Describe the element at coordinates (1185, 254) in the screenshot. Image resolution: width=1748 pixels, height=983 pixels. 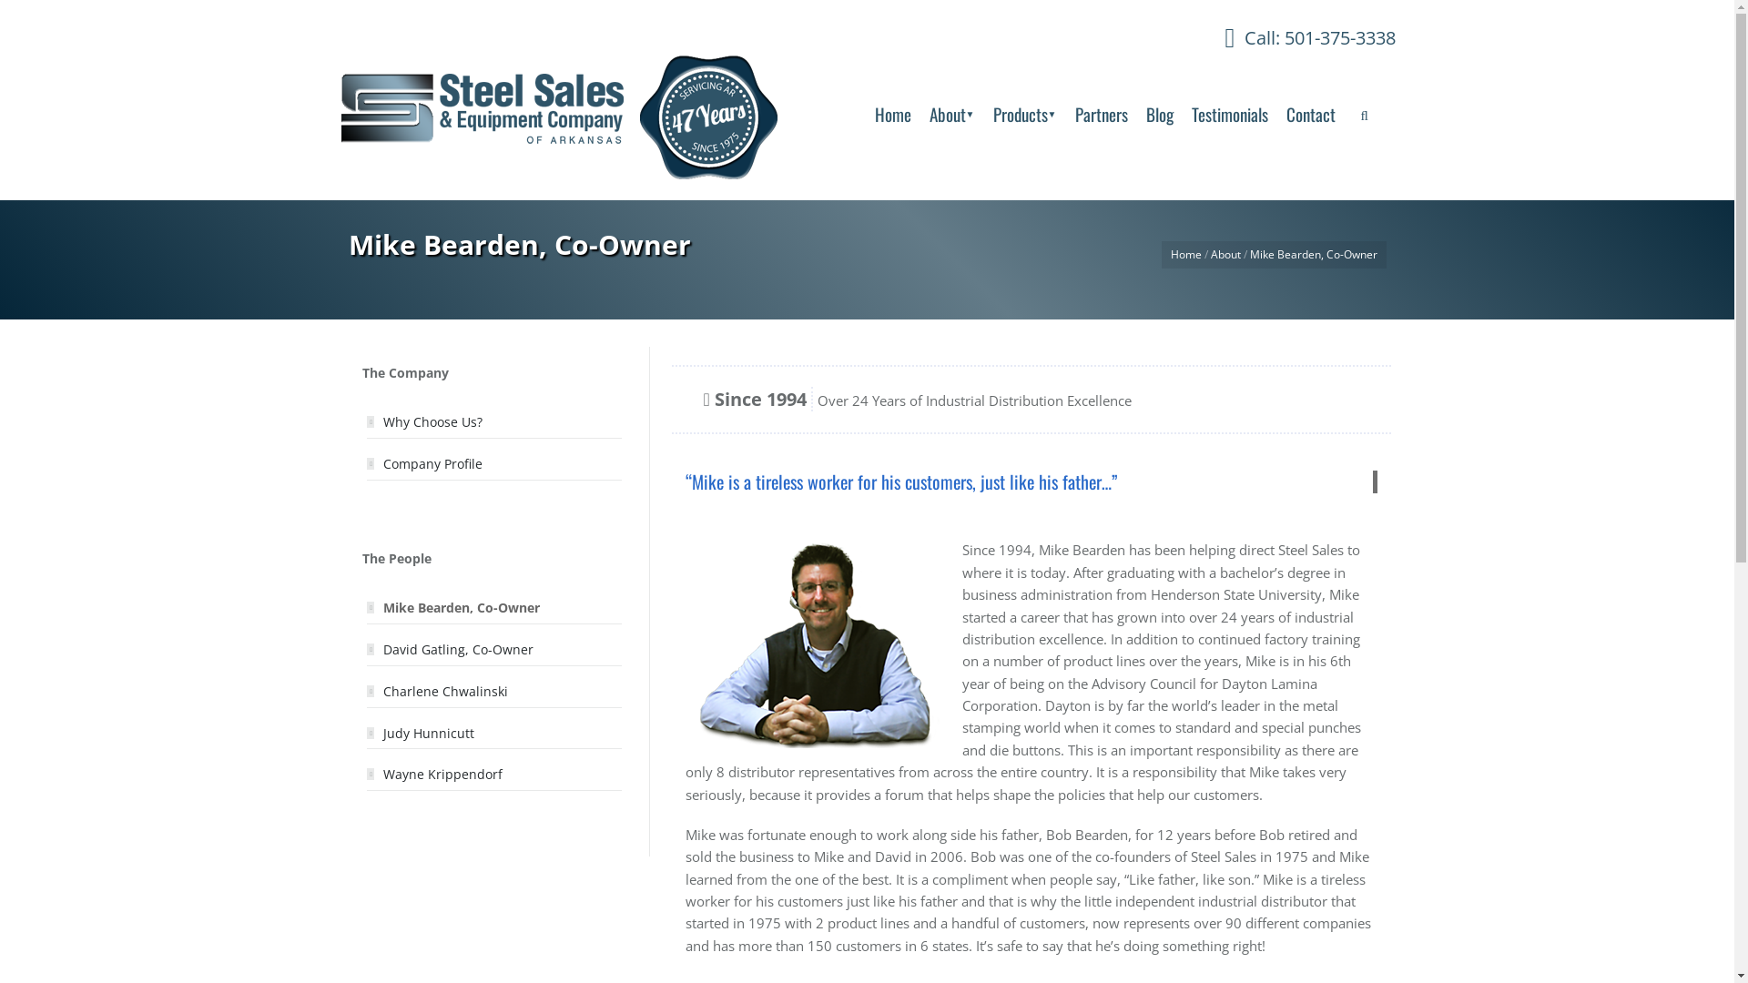
I see `'Home'` at that location.